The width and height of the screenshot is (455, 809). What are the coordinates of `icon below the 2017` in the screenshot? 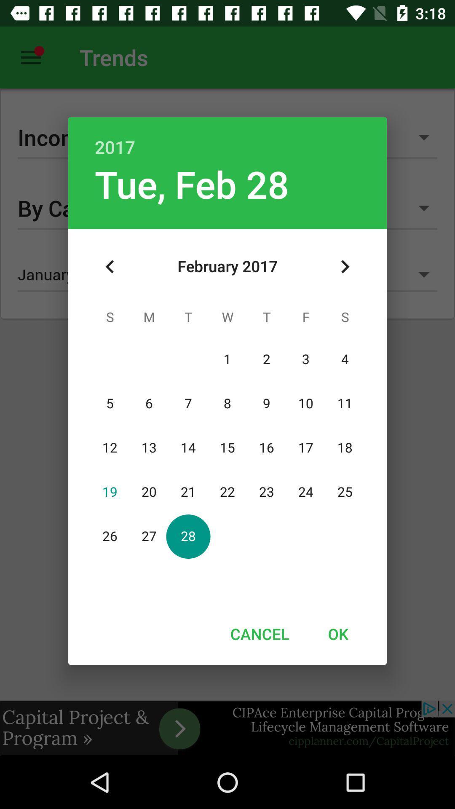 It's located at (345, 266).